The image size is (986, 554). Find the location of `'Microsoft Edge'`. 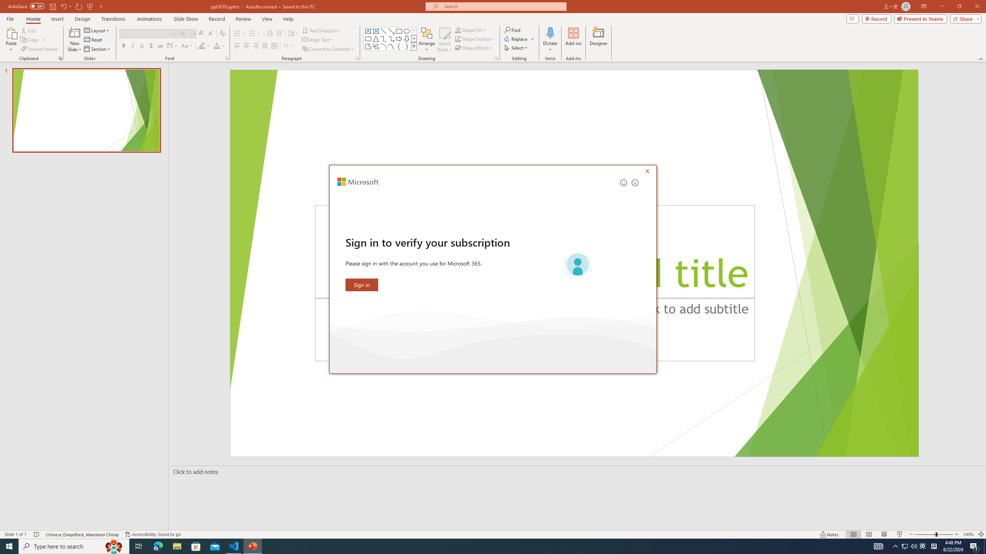

'Microsoft Edge' is located at coordinates (158, 546).